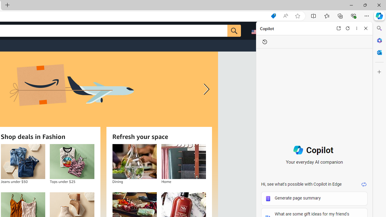 This screenshot has height=217, width=386. Describe the element at coordinates (134, 161) in the screenshot. I see `'Dining'` at that location.